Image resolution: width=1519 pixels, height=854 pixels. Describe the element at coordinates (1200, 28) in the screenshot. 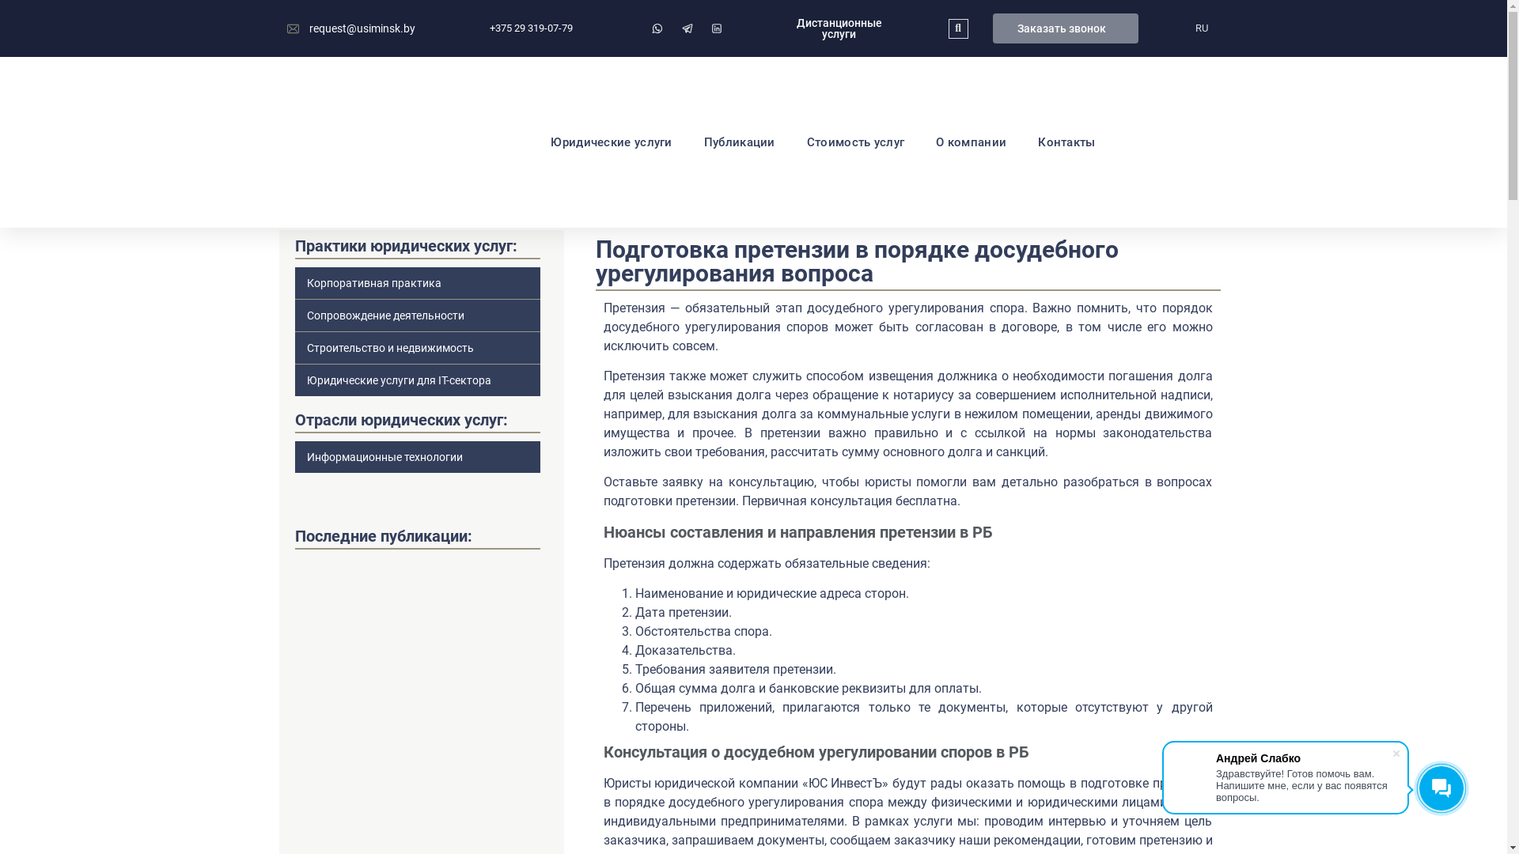

I see `'RU'` at that location.